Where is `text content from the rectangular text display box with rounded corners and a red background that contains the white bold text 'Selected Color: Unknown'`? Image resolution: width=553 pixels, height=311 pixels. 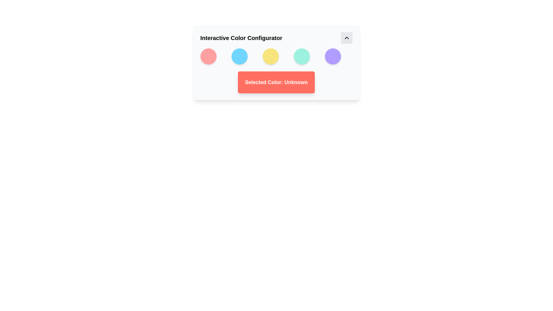 text content from the rectangular text display box with rounded corners and a red background that contains the white bold text 'Selected Color: Unknown' is located at coordinates (276, 82).